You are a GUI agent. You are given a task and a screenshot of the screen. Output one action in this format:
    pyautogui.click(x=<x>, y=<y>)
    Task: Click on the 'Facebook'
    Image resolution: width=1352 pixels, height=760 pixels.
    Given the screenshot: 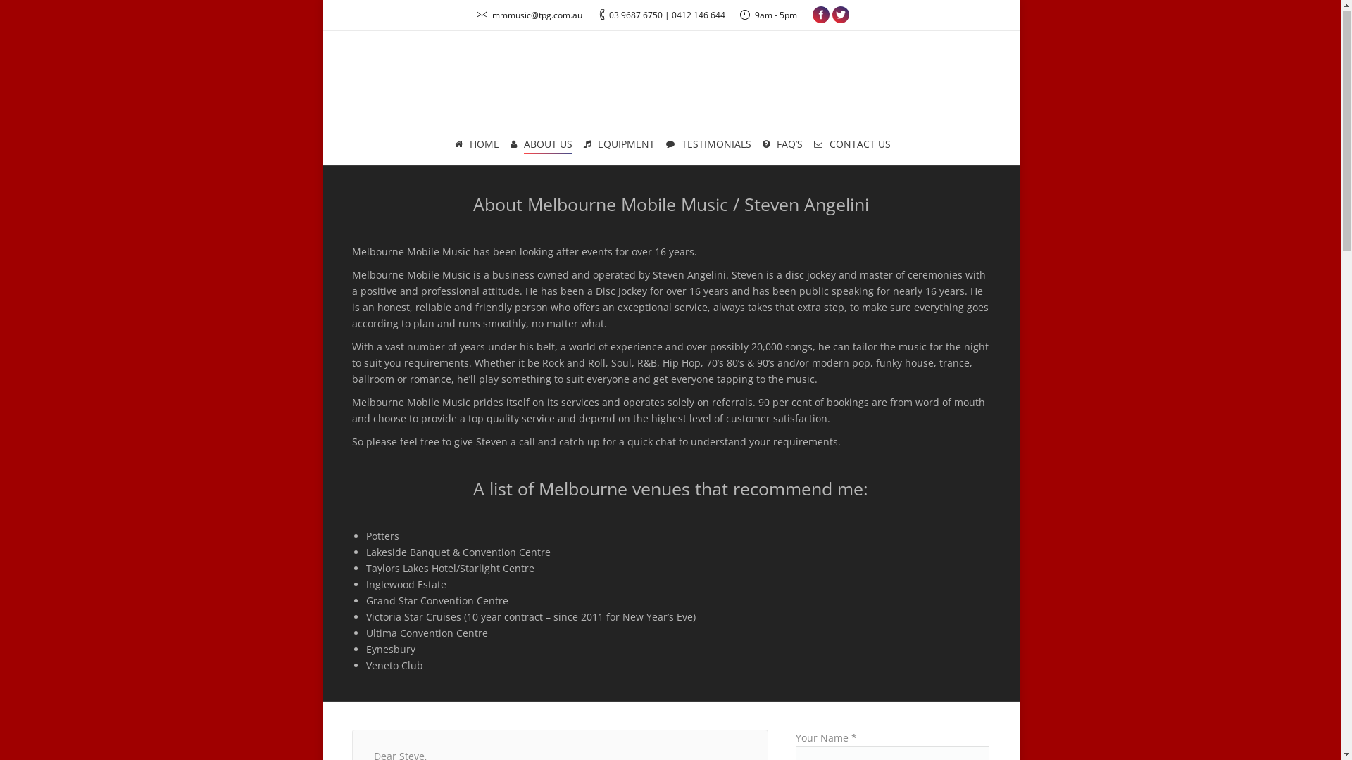 What is the action you would take?
    pyautogui.click(x=821, y=15)
    